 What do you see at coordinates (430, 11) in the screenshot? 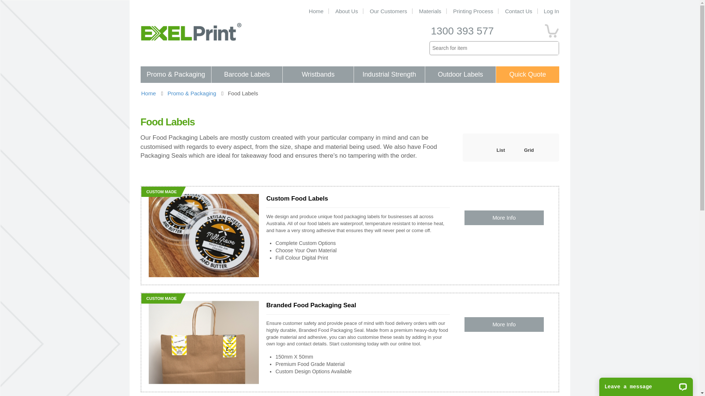
I see `'Materials'` at bounding box center [430, 11].